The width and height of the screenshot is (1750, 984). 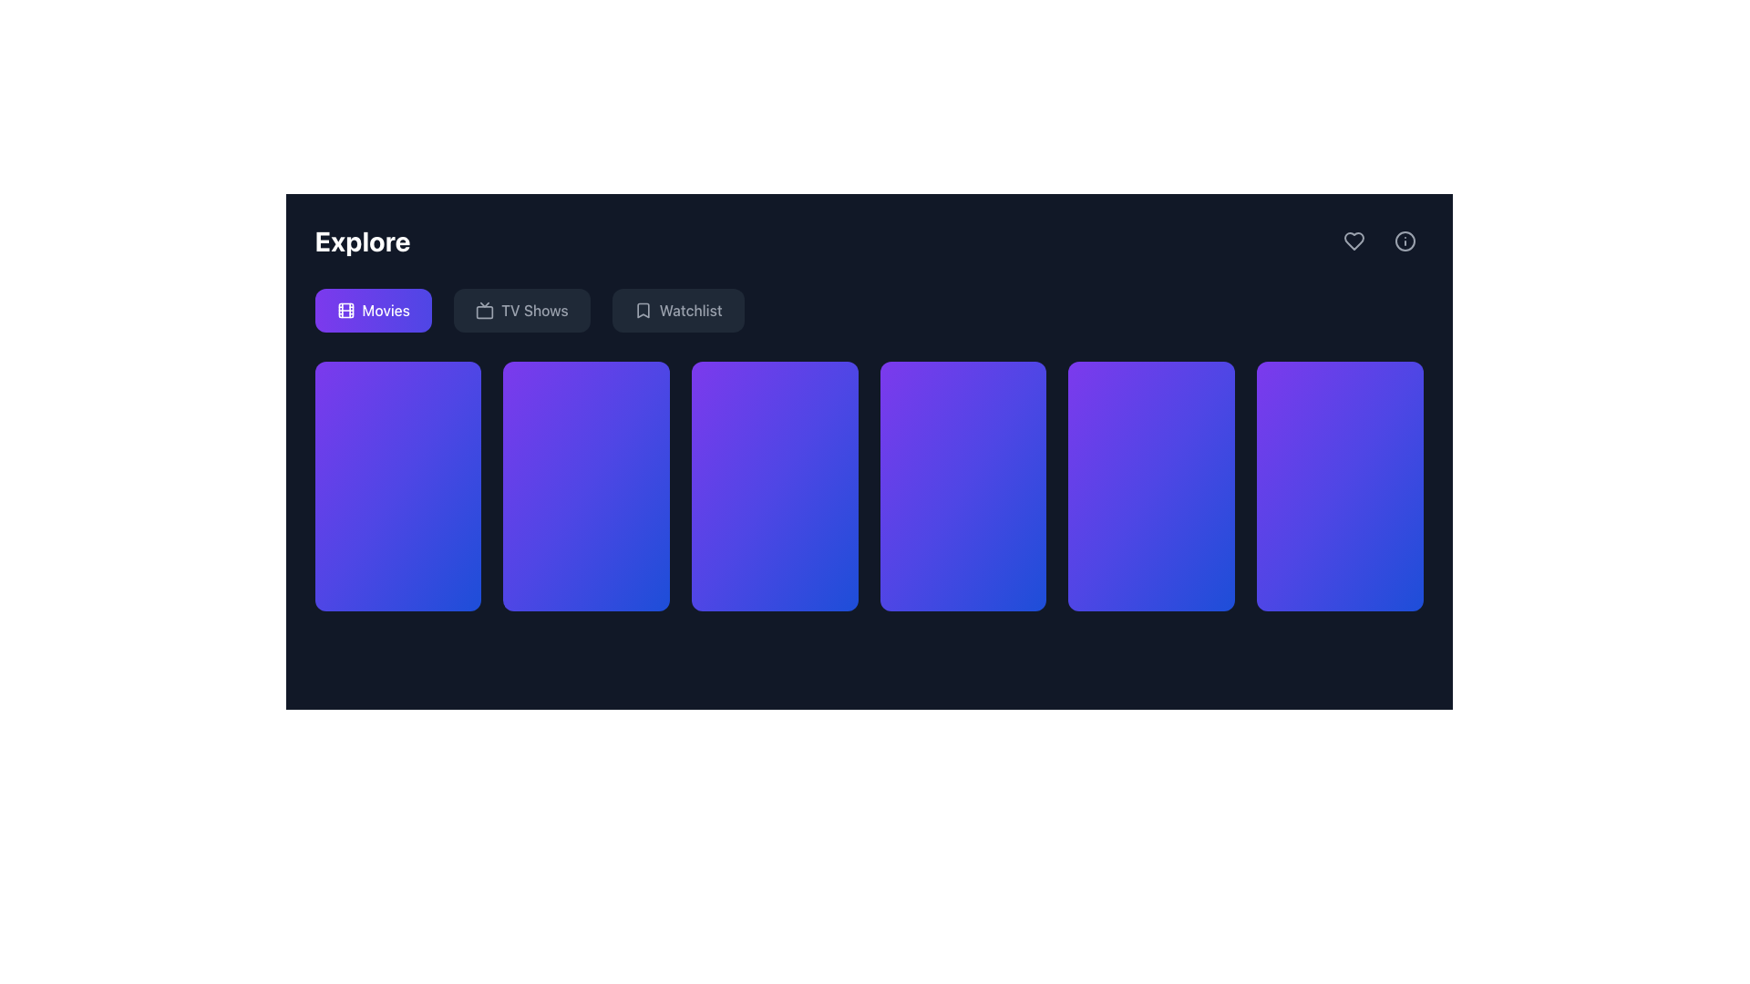 I want to click on the 'TV Shows' text label within the button, so click(x=533, y=309).